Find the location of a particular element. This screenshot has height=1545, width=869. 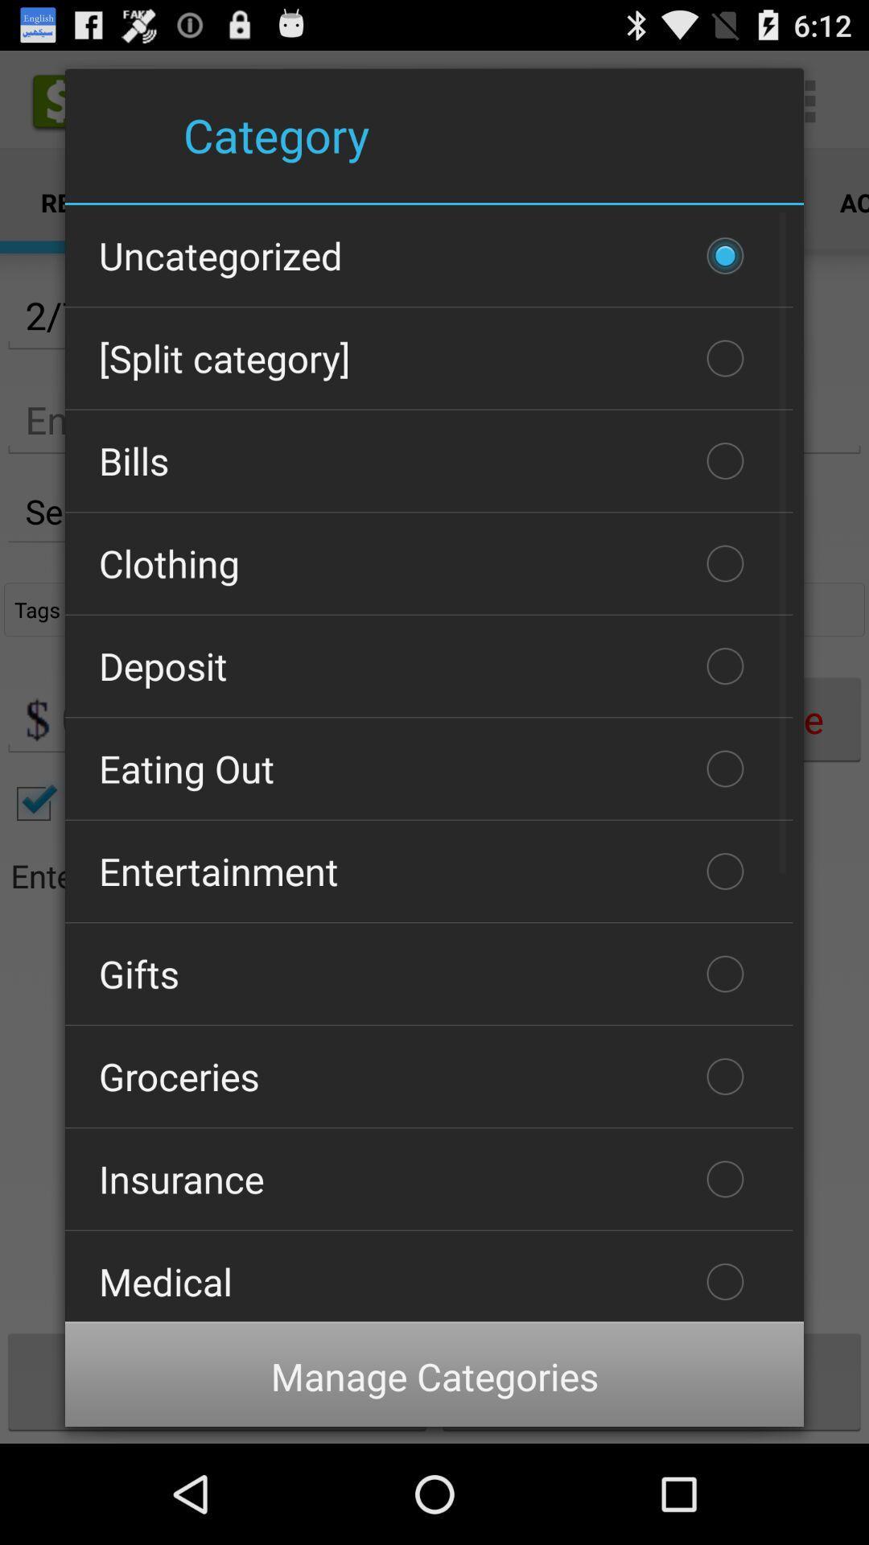

gifts item is located at coordinates (428, 973).